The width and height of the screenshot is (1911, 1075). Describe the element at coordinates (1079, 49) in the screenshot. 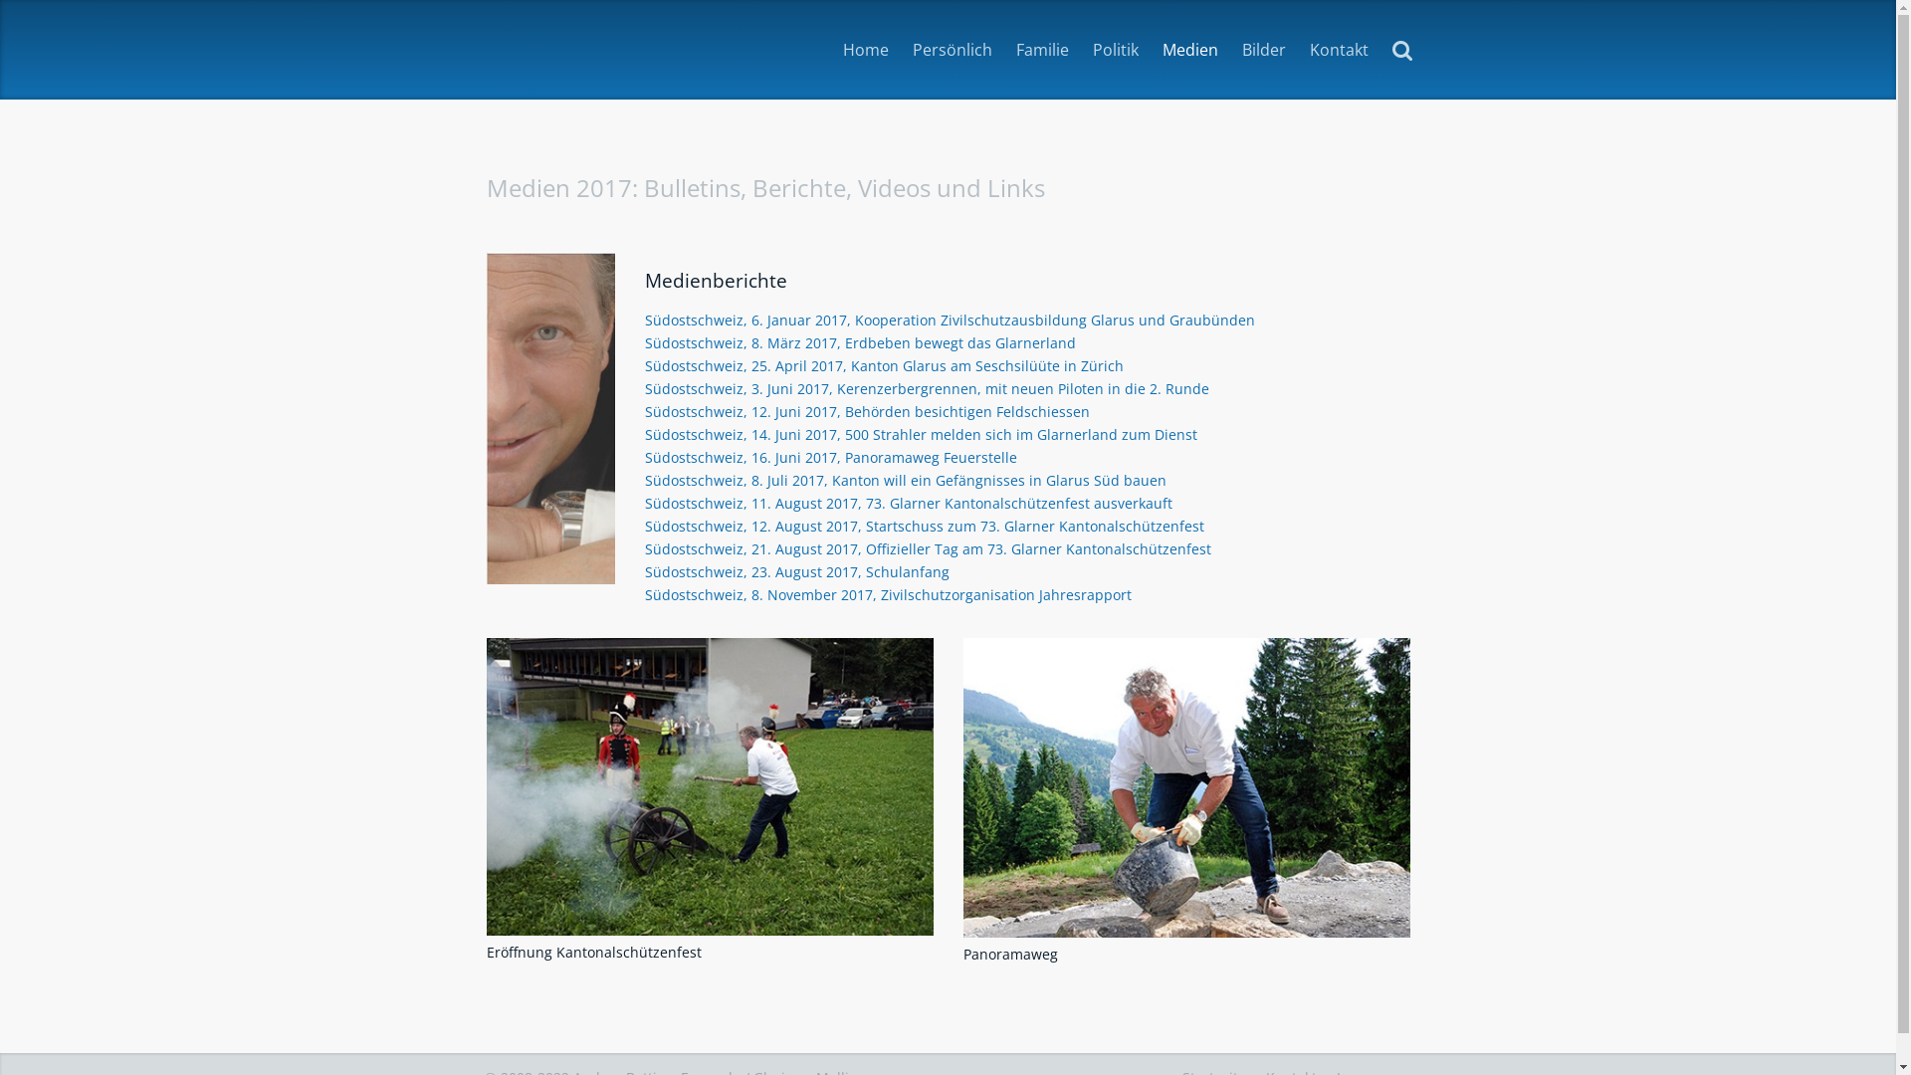

I see `'Politik'` at that location.